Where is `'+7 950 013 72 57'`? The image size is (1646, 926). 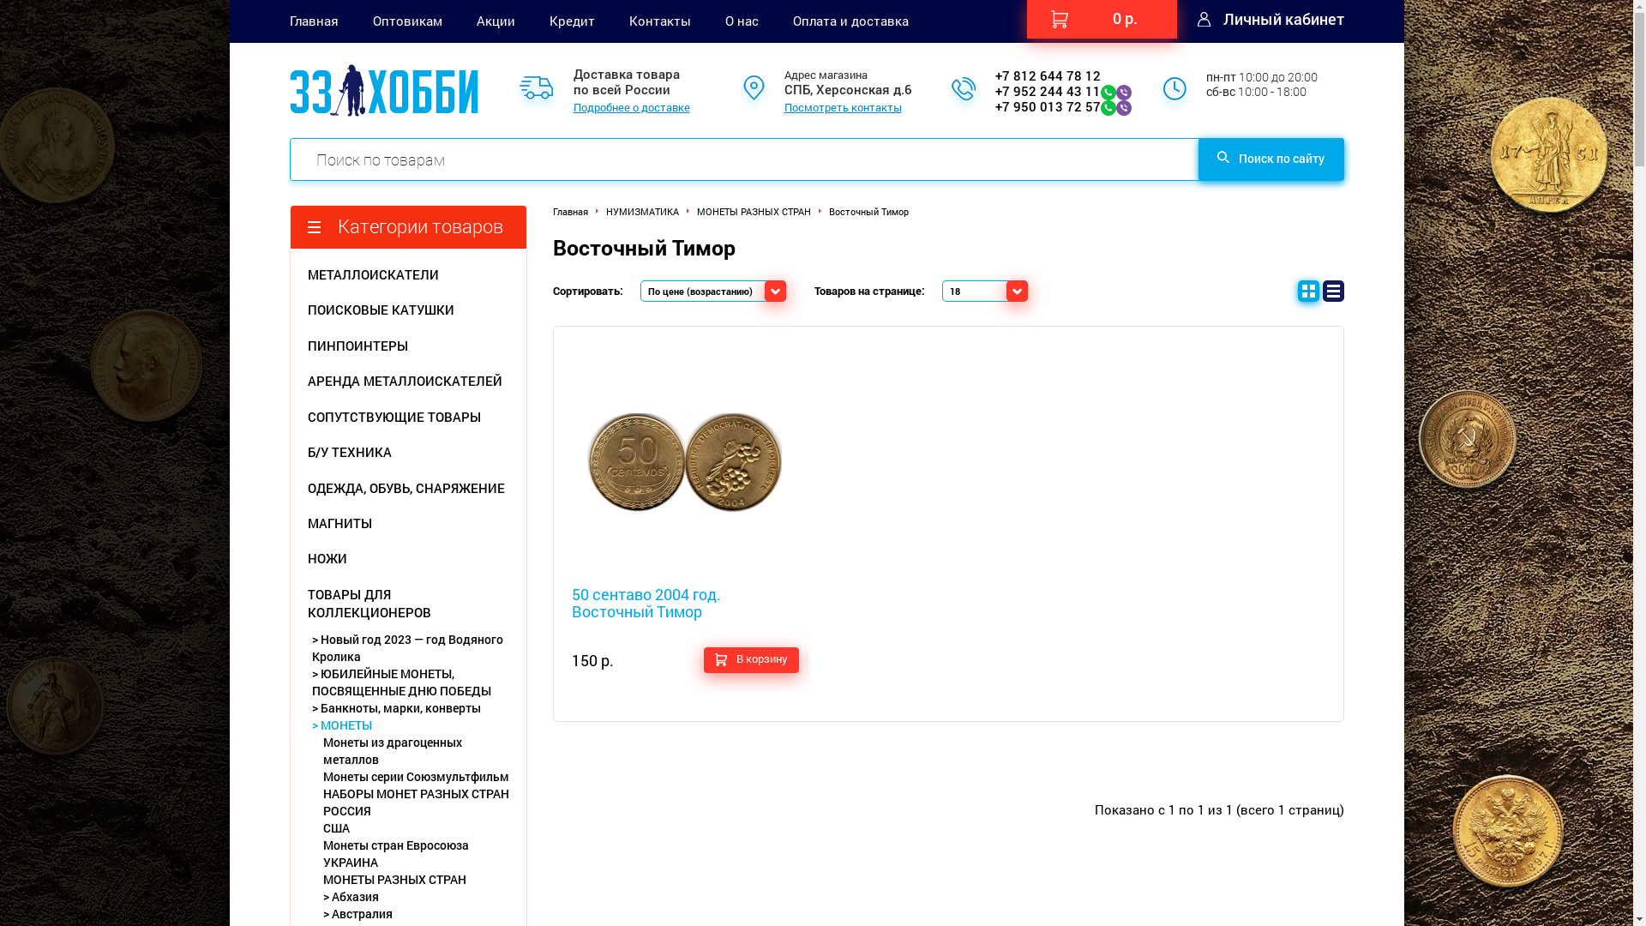 '+7 950 013 72 57' is located at coordinates (1046, 105).